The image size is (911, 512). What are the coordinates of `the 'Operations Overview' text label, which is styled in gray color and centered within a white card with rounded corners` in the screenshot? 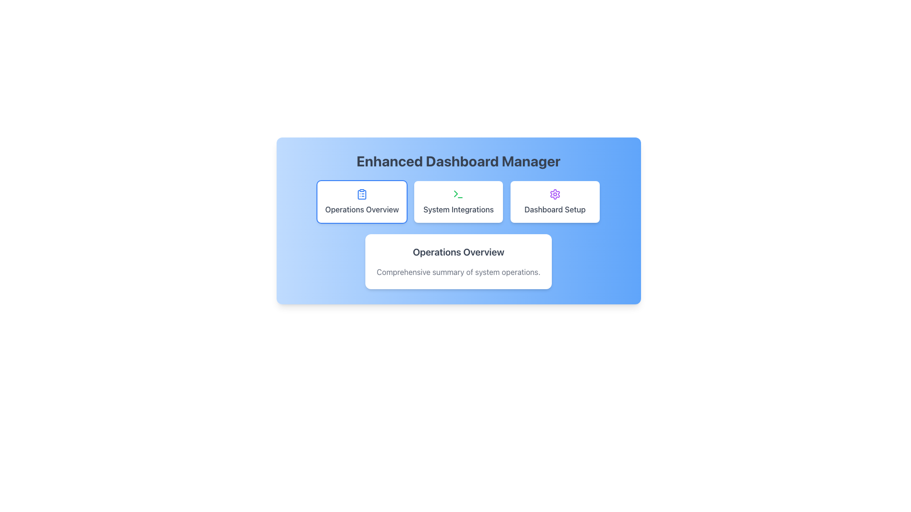 It's located at (362, 209).